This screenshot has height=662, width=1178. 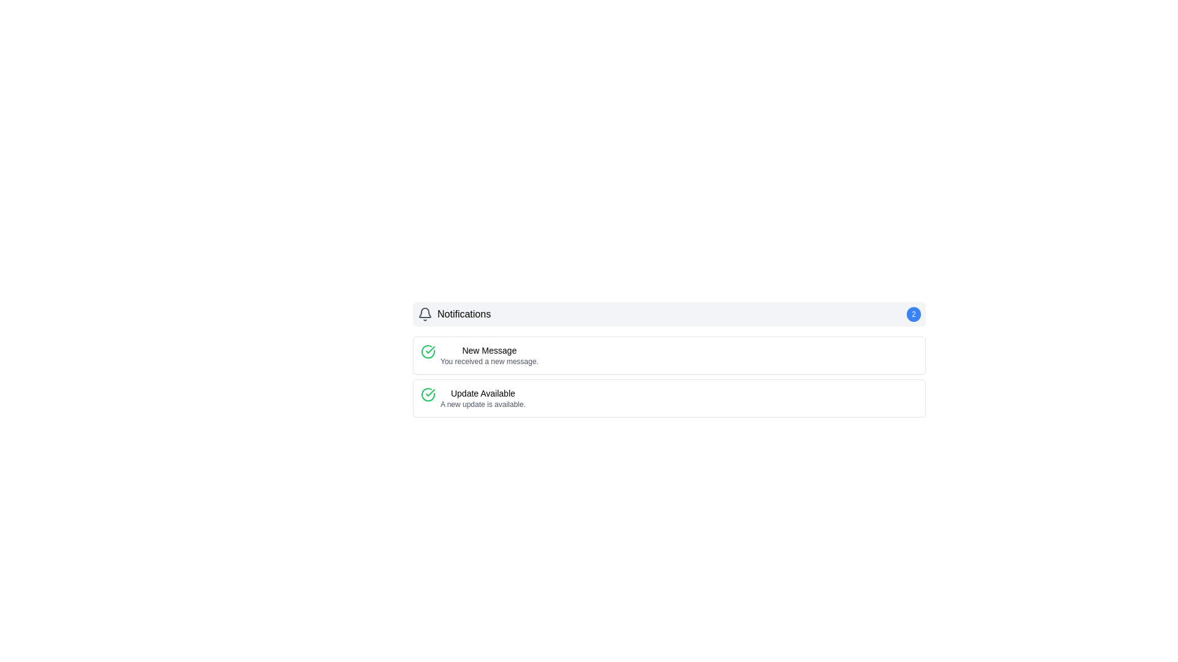 I want to click on the informational text label located directly below the 'Update Available' text in the second listing of the notification panel, so click(x=482, y=404).